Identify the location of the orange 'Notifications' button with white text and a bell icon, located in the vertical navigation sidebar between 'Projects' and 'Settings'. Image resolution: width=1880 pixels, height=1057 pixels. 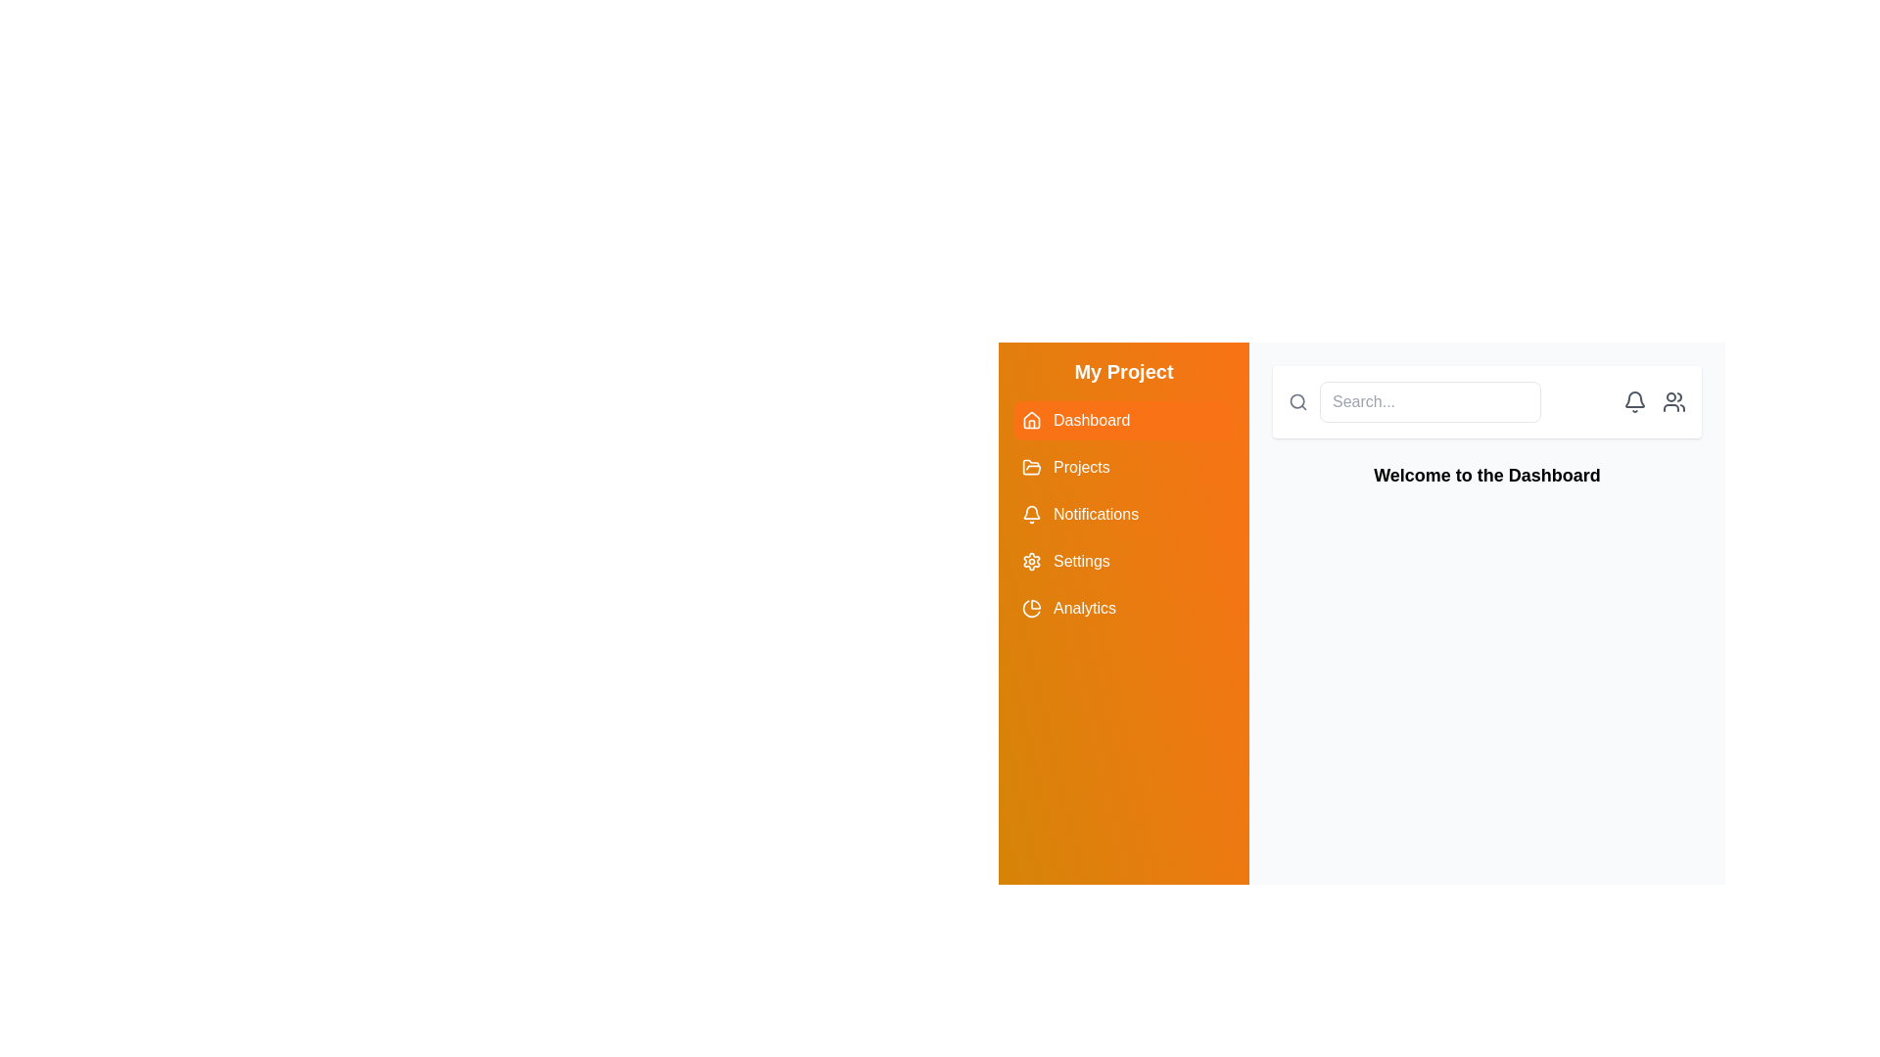
(1123, 513).